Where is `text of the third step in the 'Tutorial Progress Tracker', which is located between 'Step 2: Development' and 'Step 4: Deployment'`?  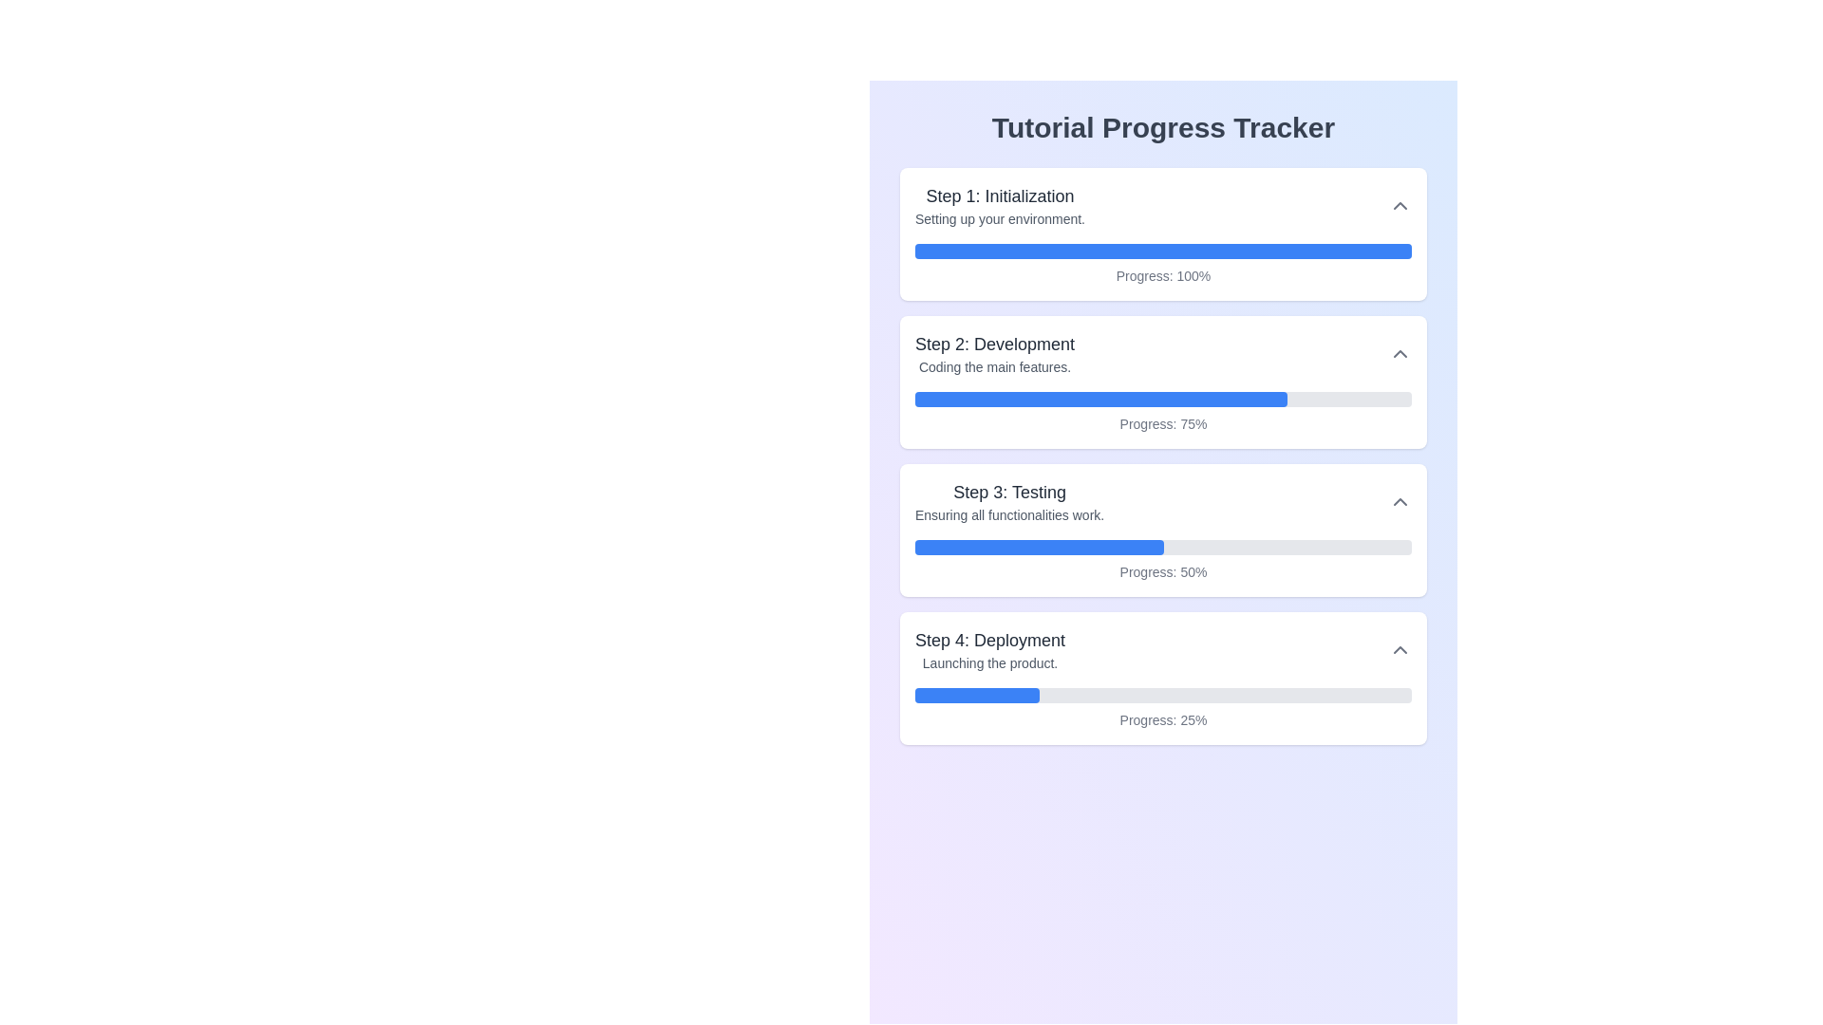 text of the third step in the 'Tutorial Progress Tracker', which is located between 'Step 2: Development' and 'Step 4: Deployment' is located at coordinates (1008, 500).